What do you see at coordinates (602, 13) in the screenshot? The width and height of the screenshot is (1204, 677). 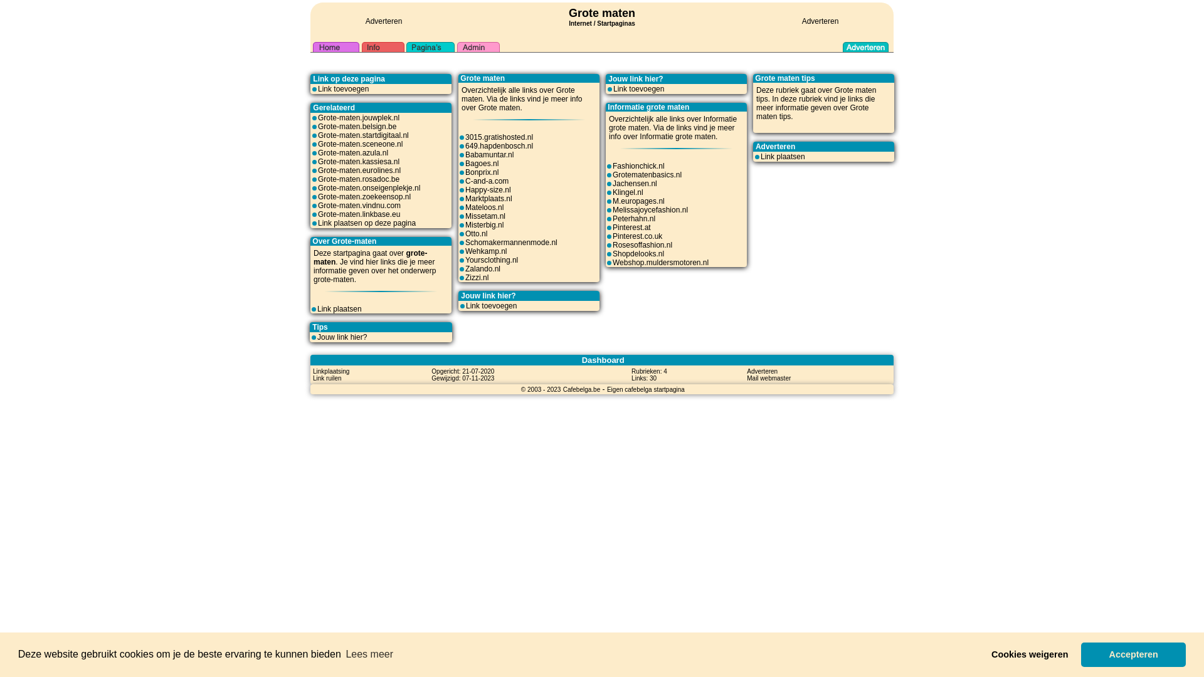 I see `'Grote maten'` at bounding box center [602, 13].